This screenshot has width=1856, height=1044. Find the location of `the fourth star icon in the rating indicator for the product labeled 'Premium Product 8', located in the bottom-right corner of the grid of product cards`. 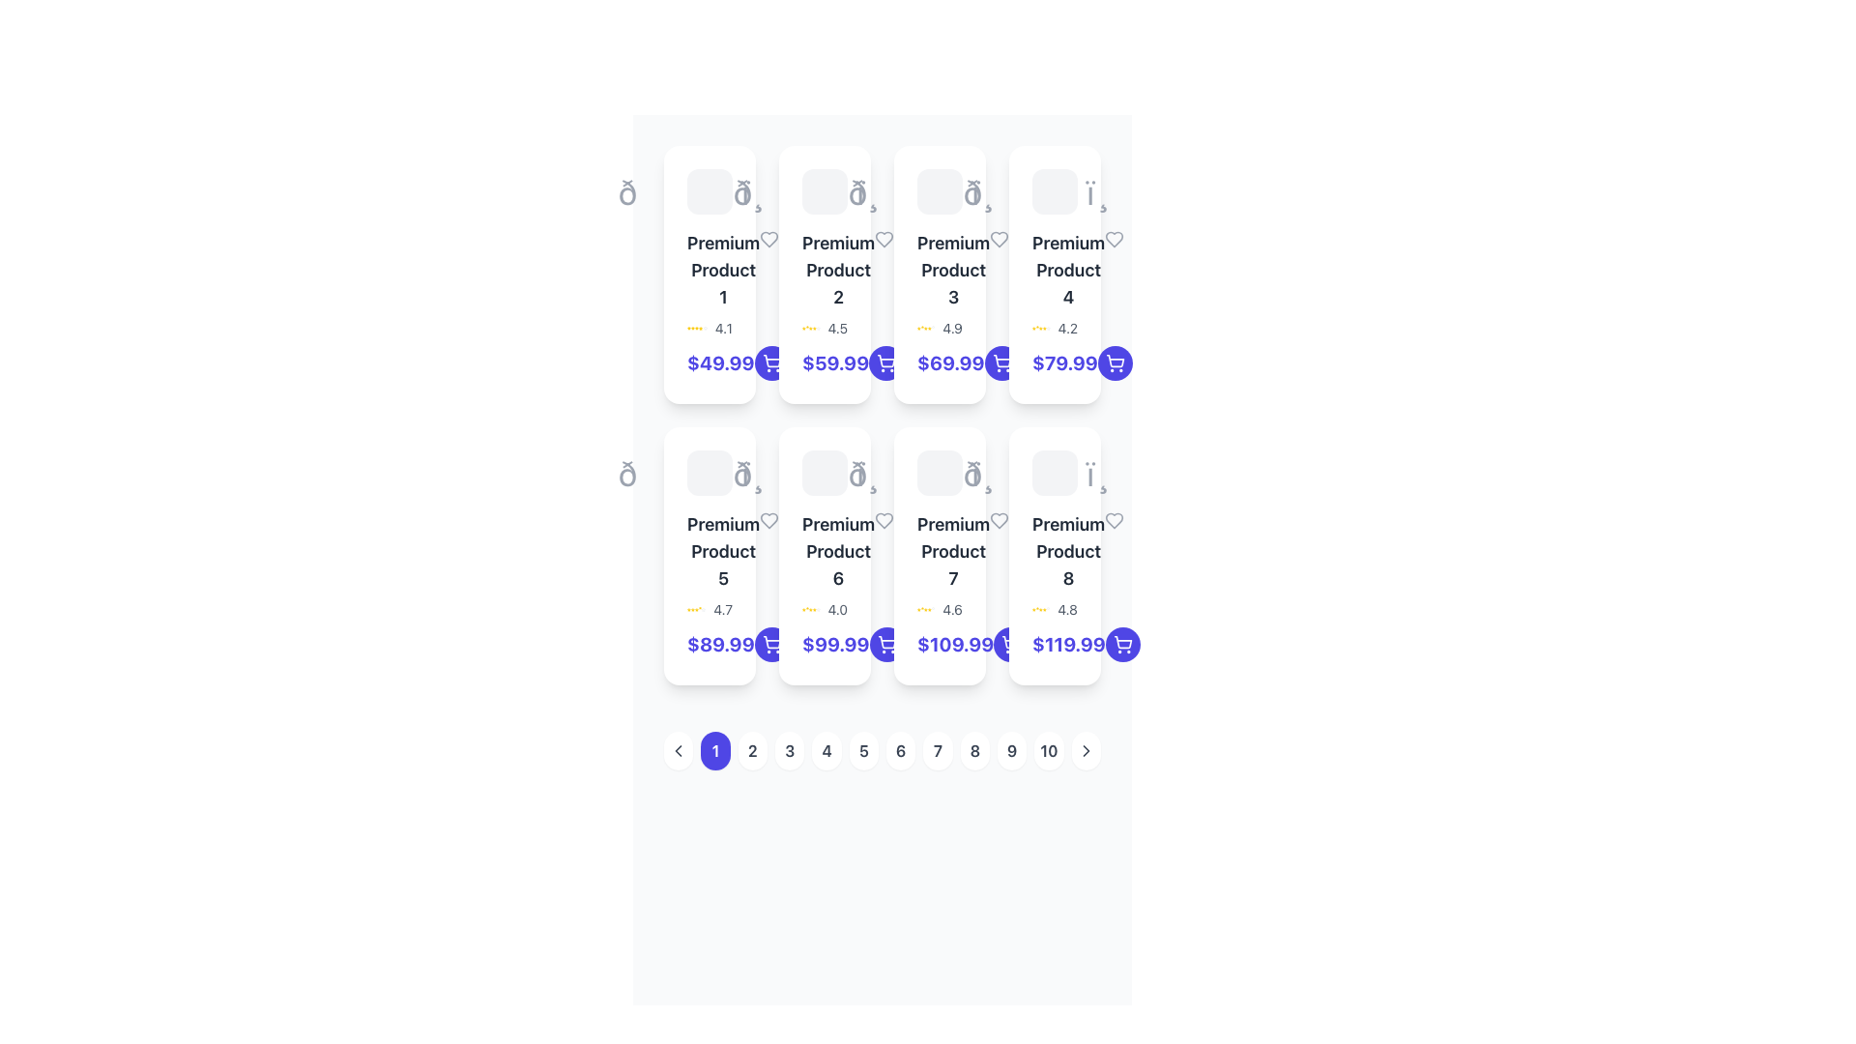

the fourth star icon in the rating indicator for the product labeled 'Premium Product 8', located in the bottom-right corner of the grid of product cards is located at coordinates (1040, 610).